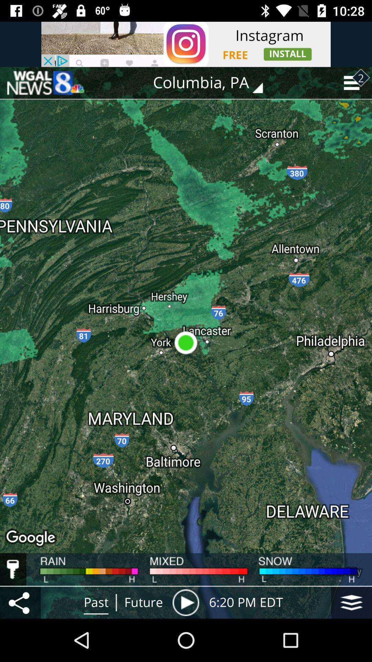 The image size is (372, 662). What do you see at coordinates (13, 569) in the screenshot?
I see `show weather map keys` at bounding box center [13, 569].